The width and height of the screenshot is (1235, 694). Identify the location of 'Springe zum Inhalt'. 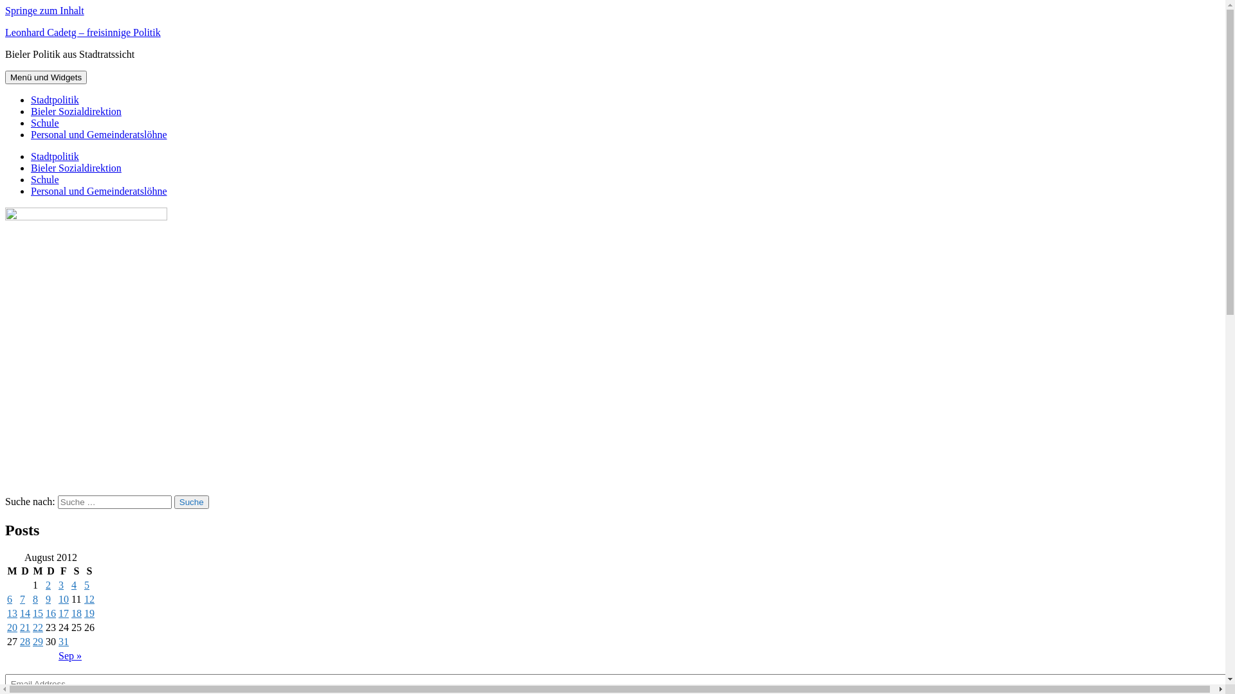
(44, 10).